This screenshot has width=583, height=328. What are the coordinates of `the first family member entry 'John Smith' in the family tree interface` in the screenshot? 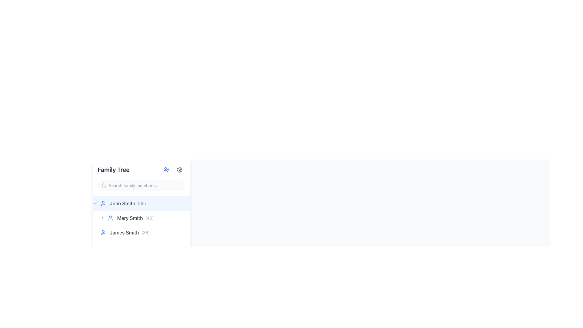 It's located at (141, 203).